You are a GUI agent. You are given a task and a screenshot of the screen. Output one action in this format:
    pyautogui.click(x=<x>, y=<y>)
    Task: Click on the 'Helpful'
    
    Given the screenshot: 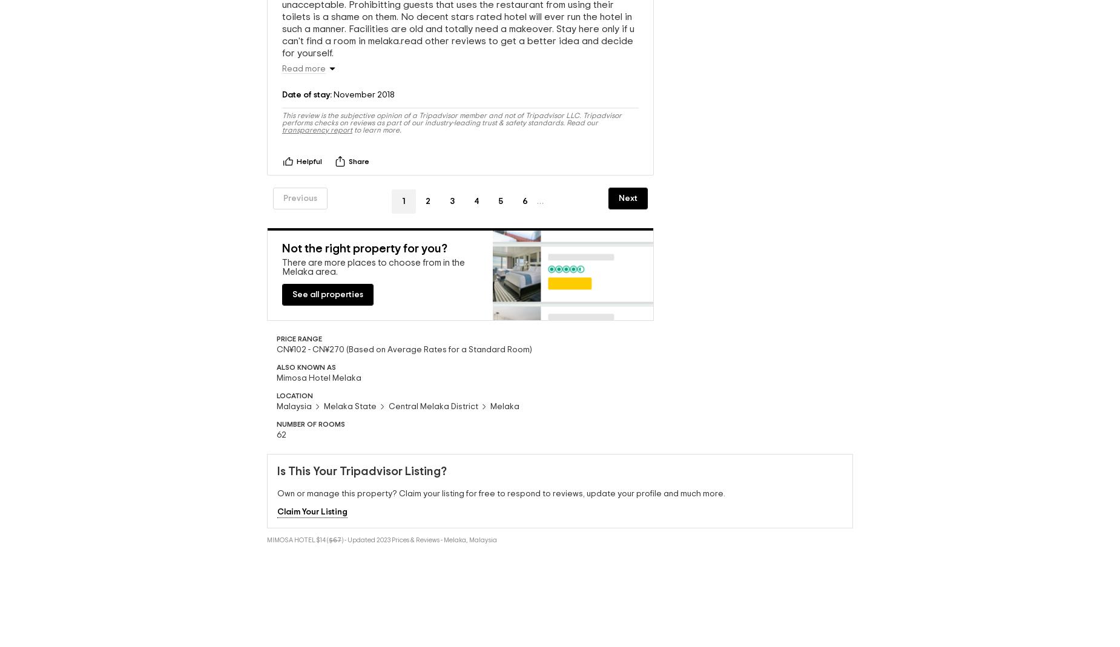 What is the action you would take?
    pyautogui.click(x=309, y=160)
    